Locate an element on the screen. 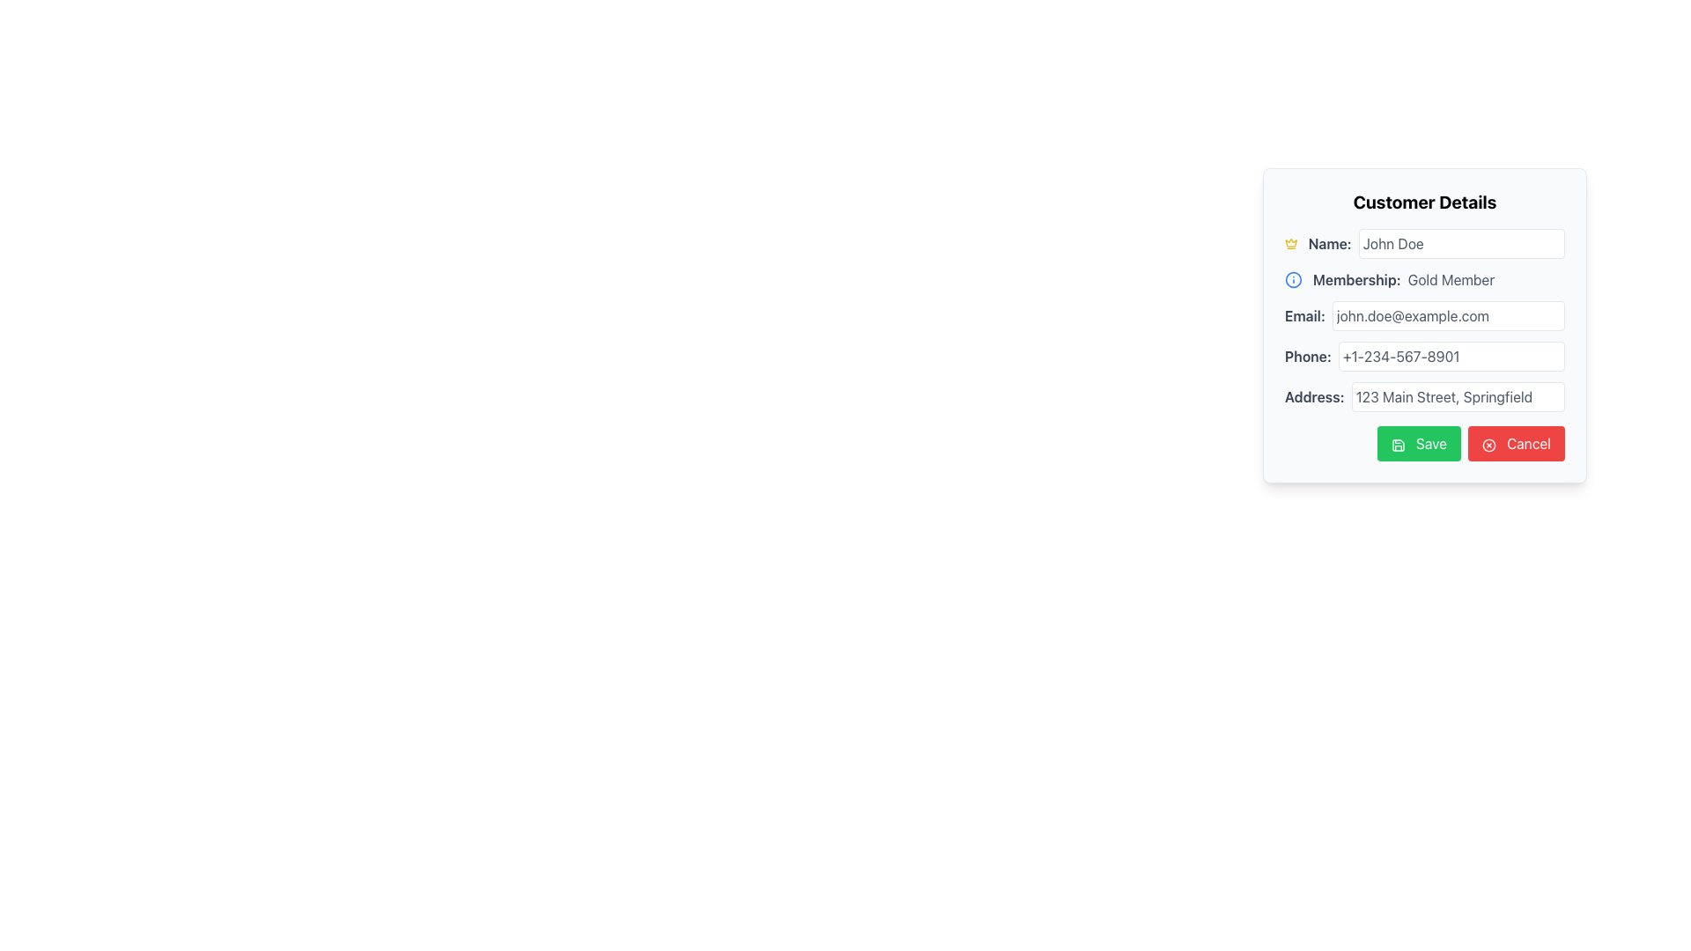  the Icon representing the 'Name:' field in the customer details interface, which is located to the left of the 'Name:' text is located at coordinates (1291, 244).